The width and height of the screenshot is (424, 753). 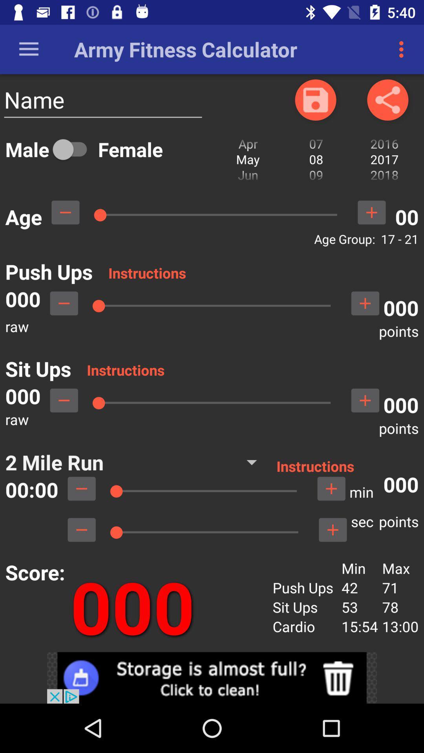 What do you see at coordinates (315, 99) in the screenshot?
I see `contact` at bounding box center [315, 99].